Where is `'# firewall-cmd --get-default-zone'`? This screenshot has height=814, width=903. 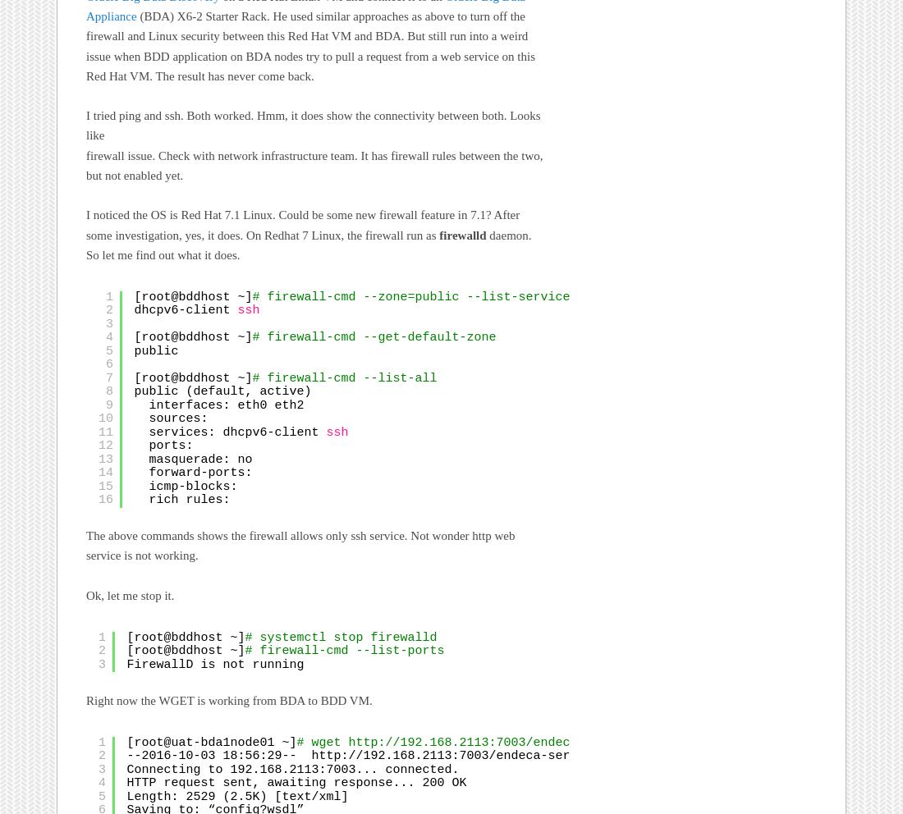
'# firewall-cmd --get-default-zone' is located at coordinates (377, 338).